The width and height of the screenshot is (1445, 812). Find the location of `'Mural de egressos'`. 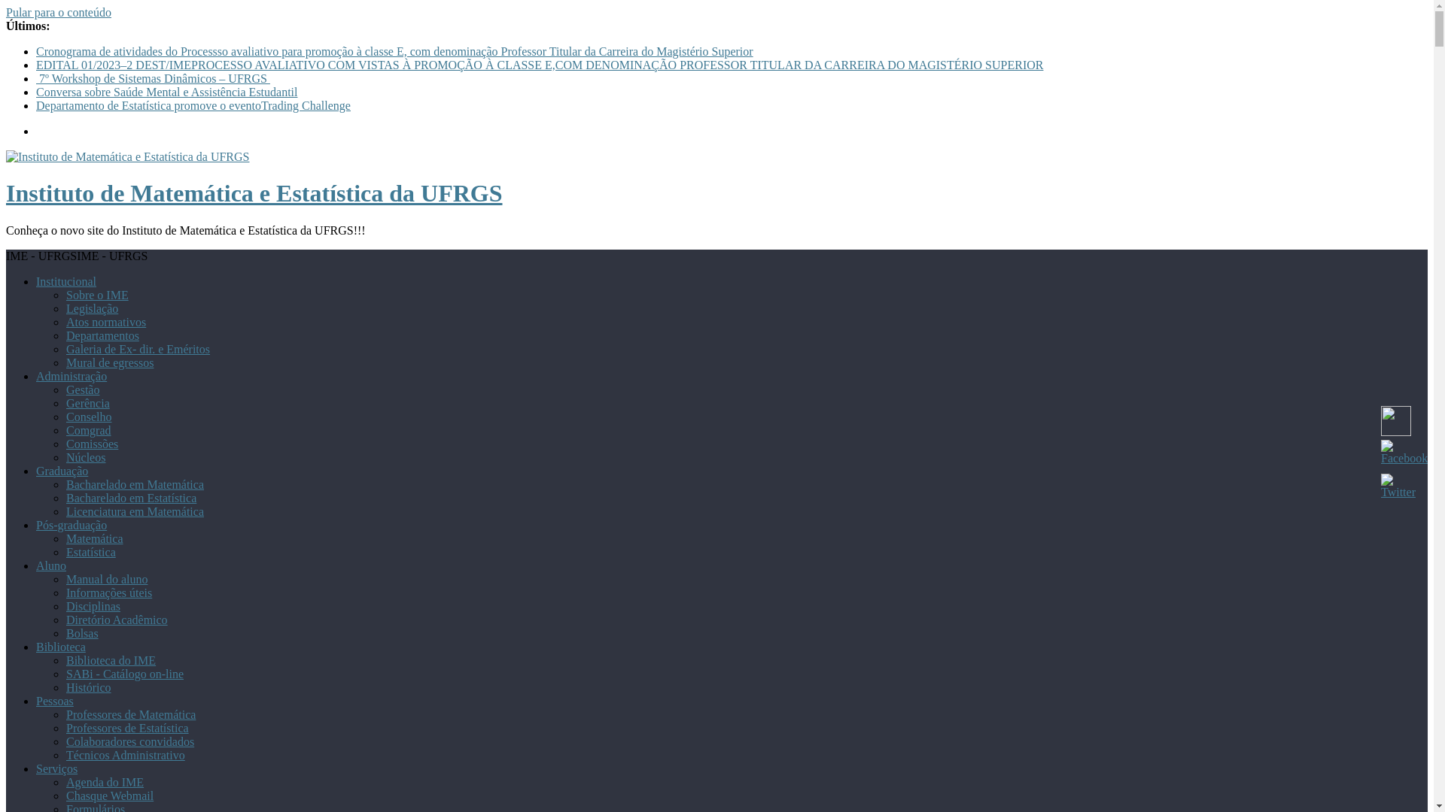

'Mural de egressos' is located at coordinates (108, 362).